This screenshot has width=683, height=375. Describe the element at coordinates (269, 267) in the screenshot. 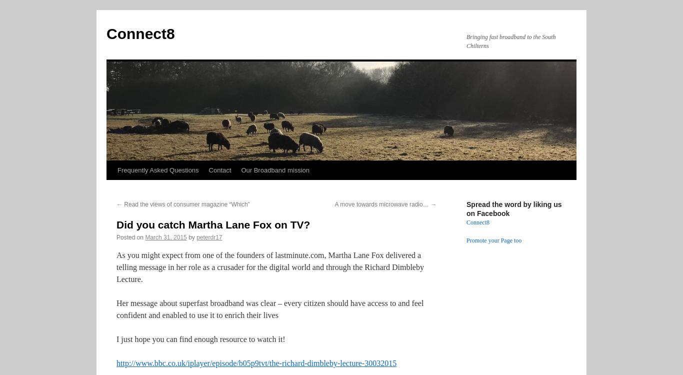

I see `'As you might expect from one of the founders of lastminute.com, Martha Lane Fox delivered a telling message in her role as a crusader for the digital world and through the Richard Dimbleby Lecture.'` at that location.